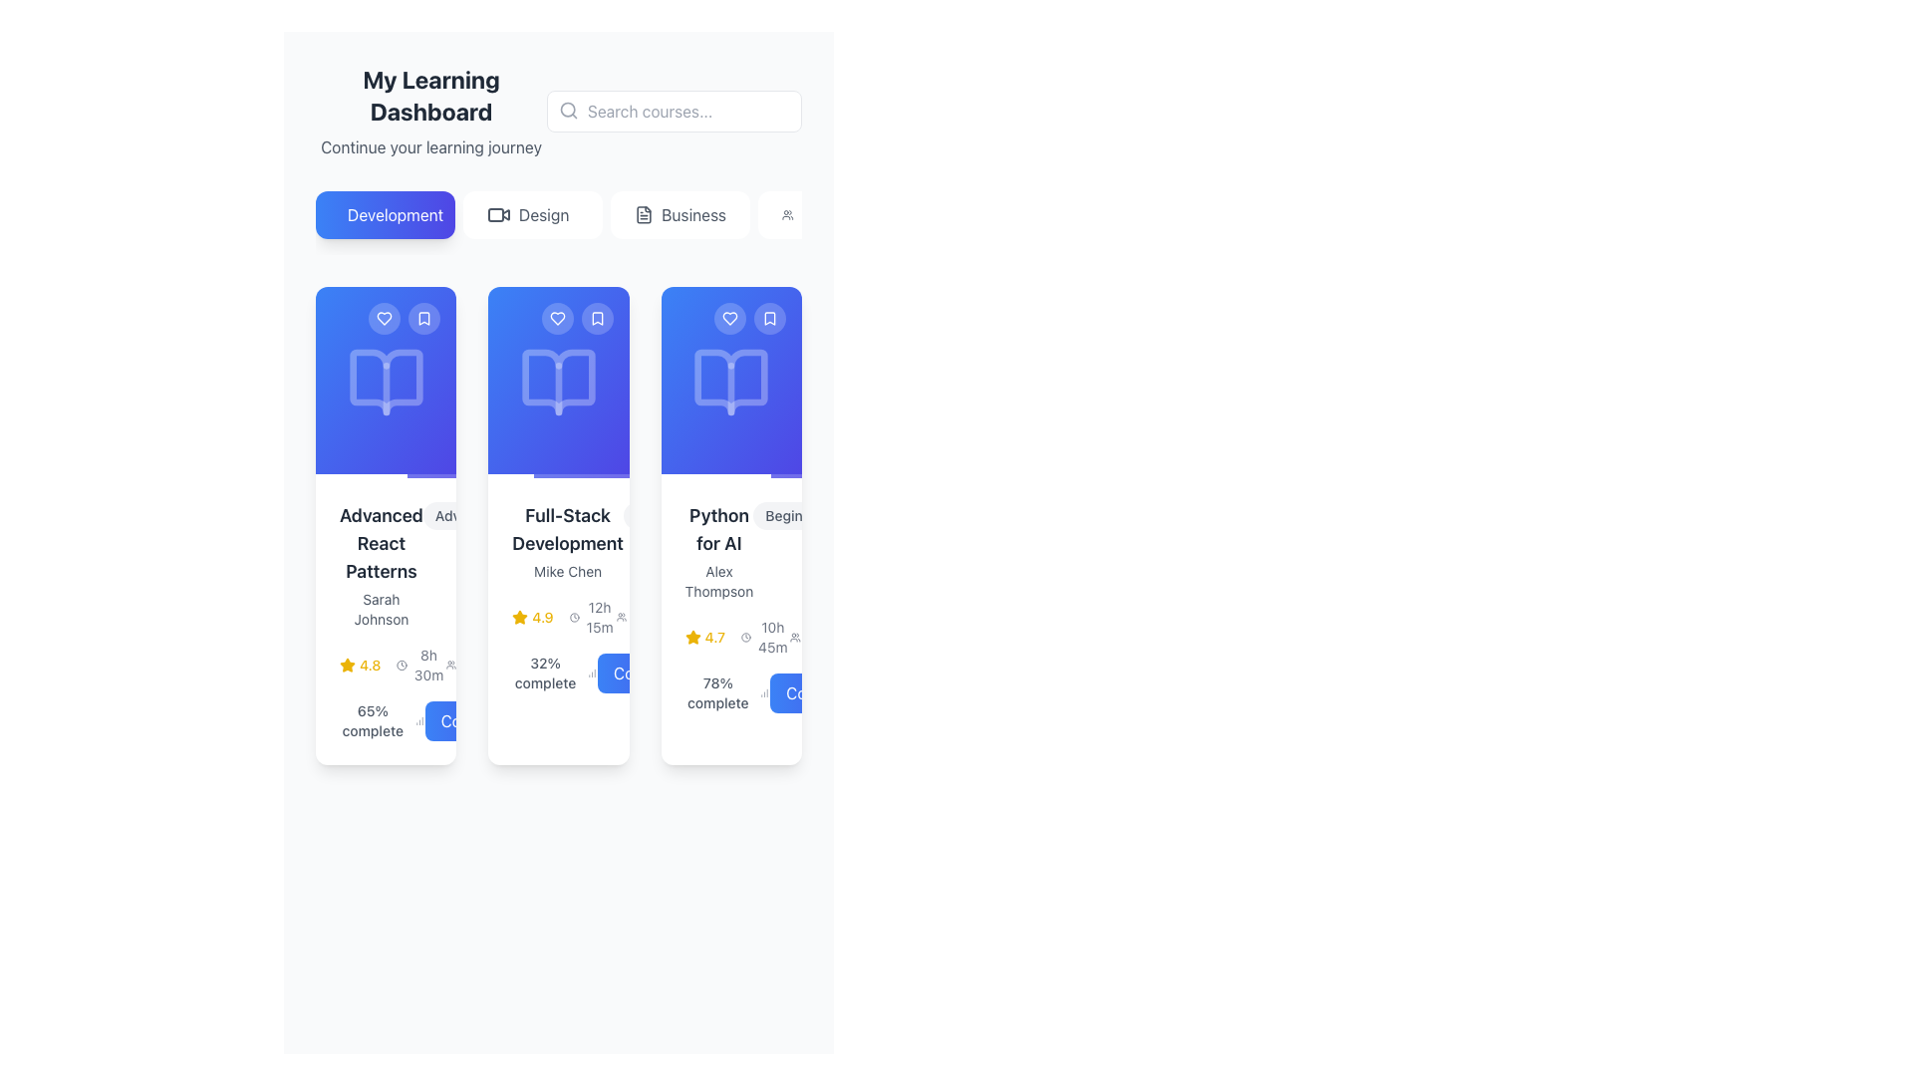 This screenshot has width=1913, height=1076. What do you see at coordinates (715, 476) in the screenshot?
I see `the static Progress Bar representing the progress of the 'Python for AI' course, located under its corresponding card in the grid layout` at bounding box center [715, 476].